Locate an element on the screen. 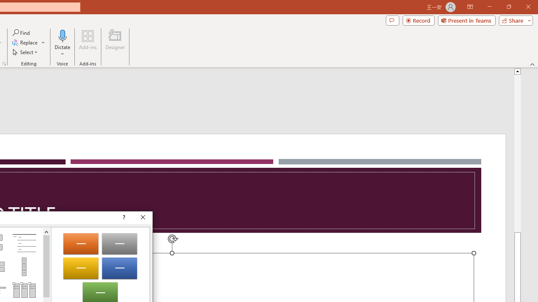 This screenshot has height=302, width=538. 'Present in Teams' is located at coordinates (466, 20).